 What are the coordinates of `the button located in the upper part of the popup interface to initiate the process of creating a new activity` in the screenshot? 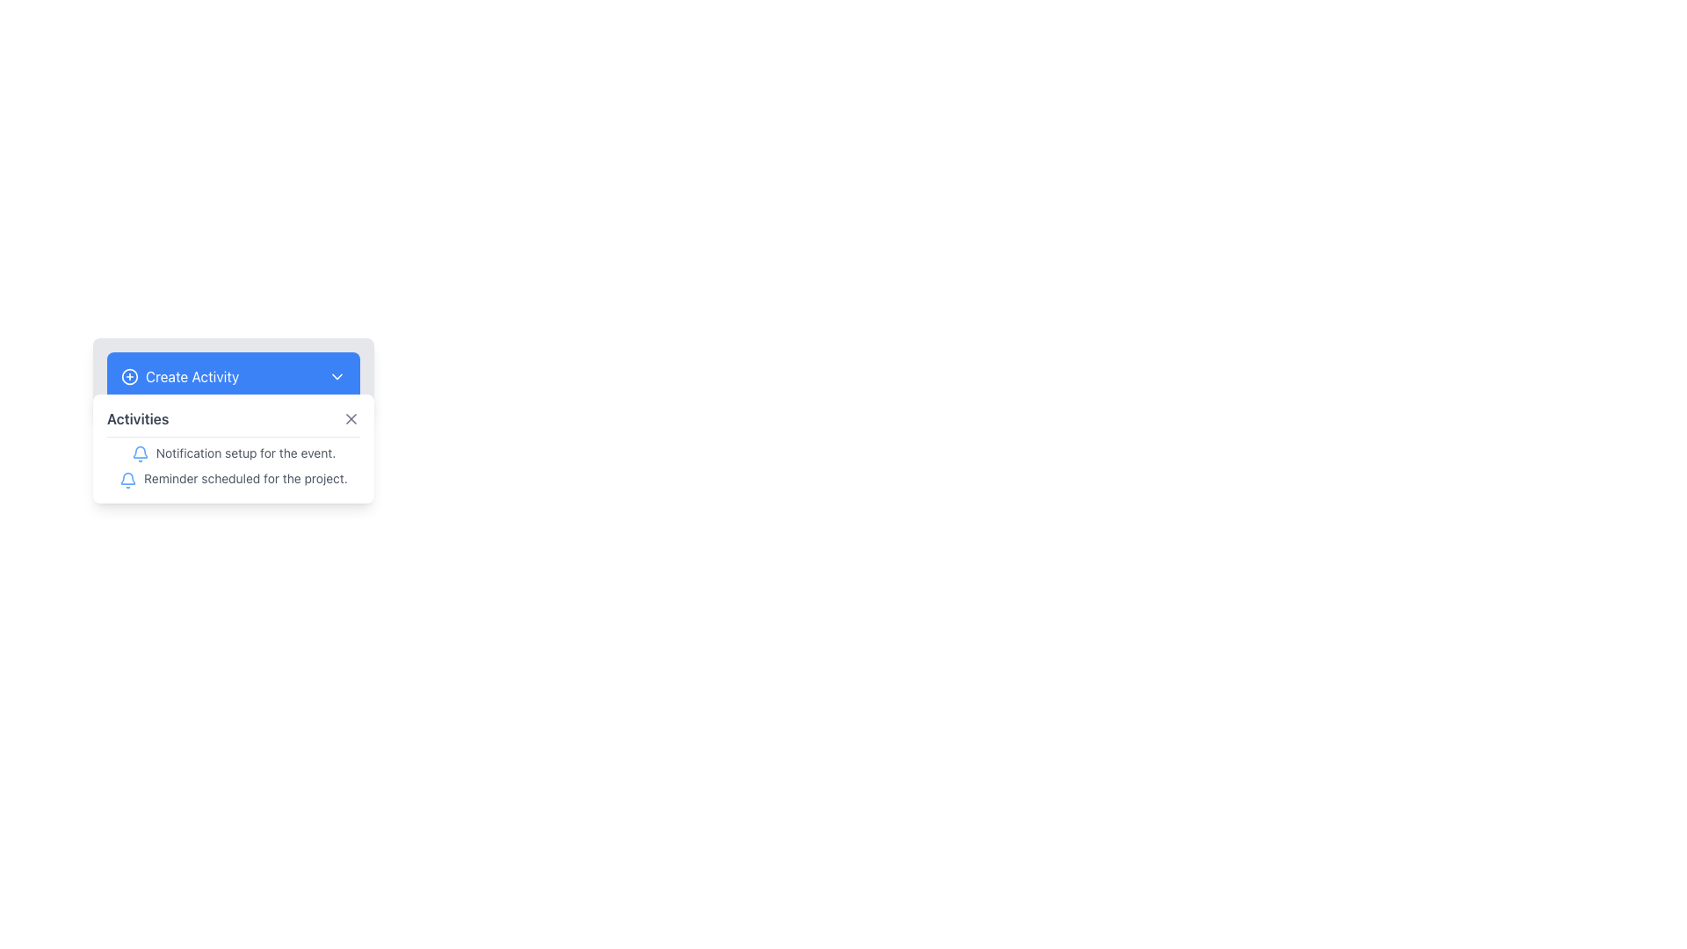 It's located at (232, 375).